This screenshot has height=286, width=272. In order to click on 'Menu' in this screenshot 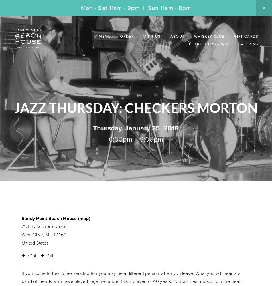, I will do `click(104, 36)`.